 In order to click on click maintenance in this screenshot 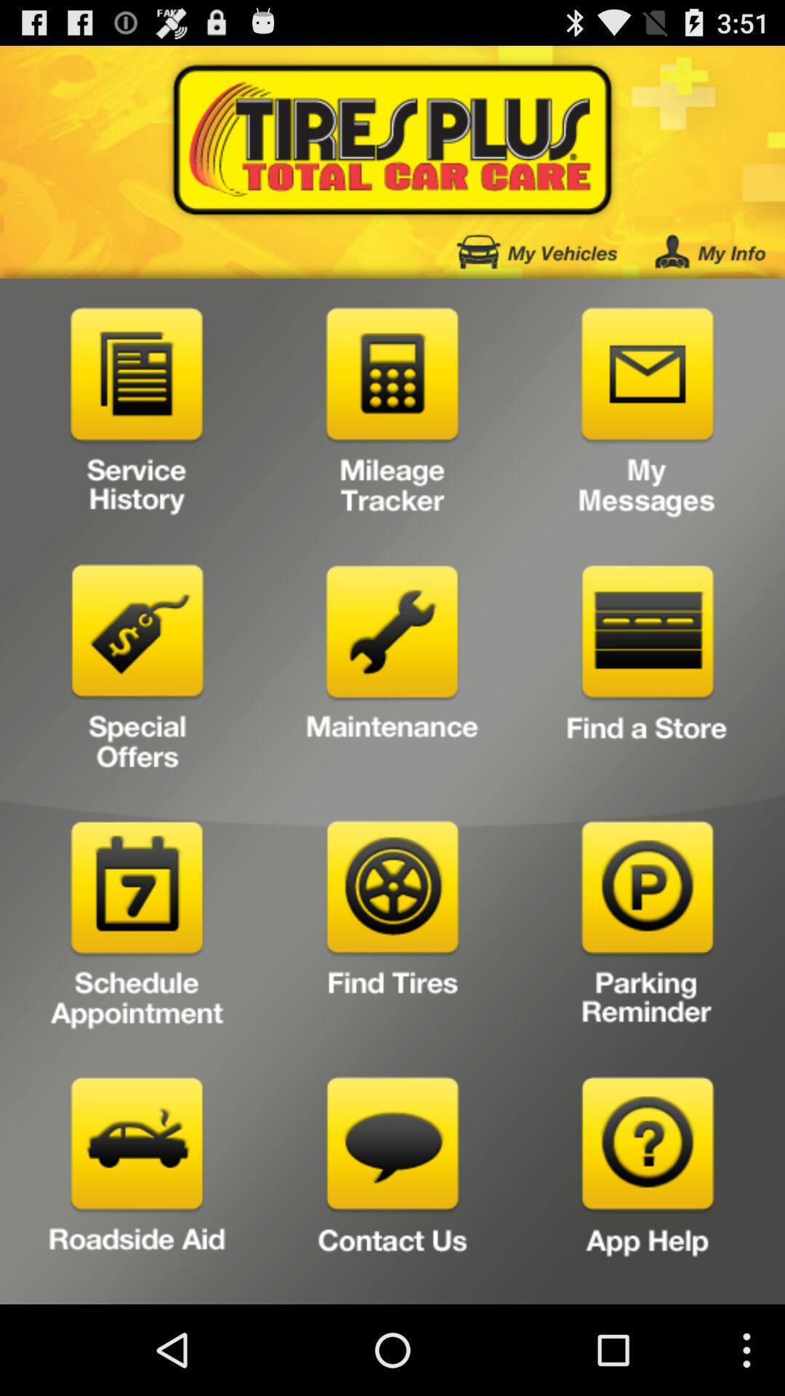, I will do `click(392, 672)`.